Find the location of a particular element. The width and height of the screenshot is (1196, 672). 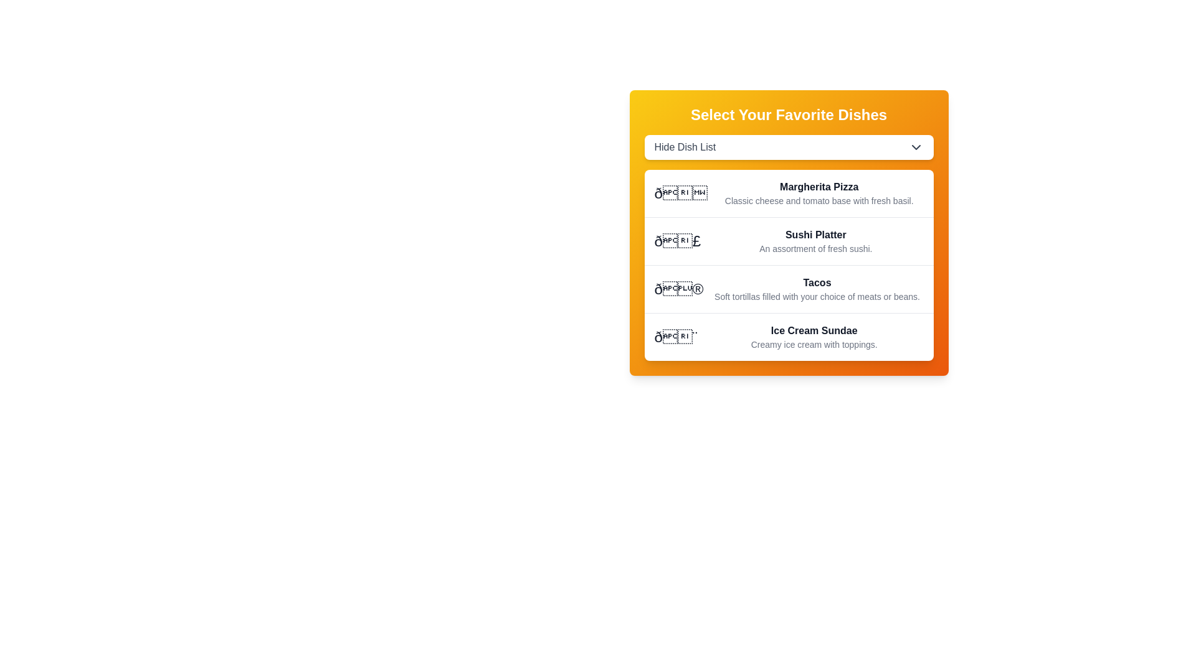

the sushi emoji icon representing the 'Sushi Platter' dish is located at coordinates (676, 241).